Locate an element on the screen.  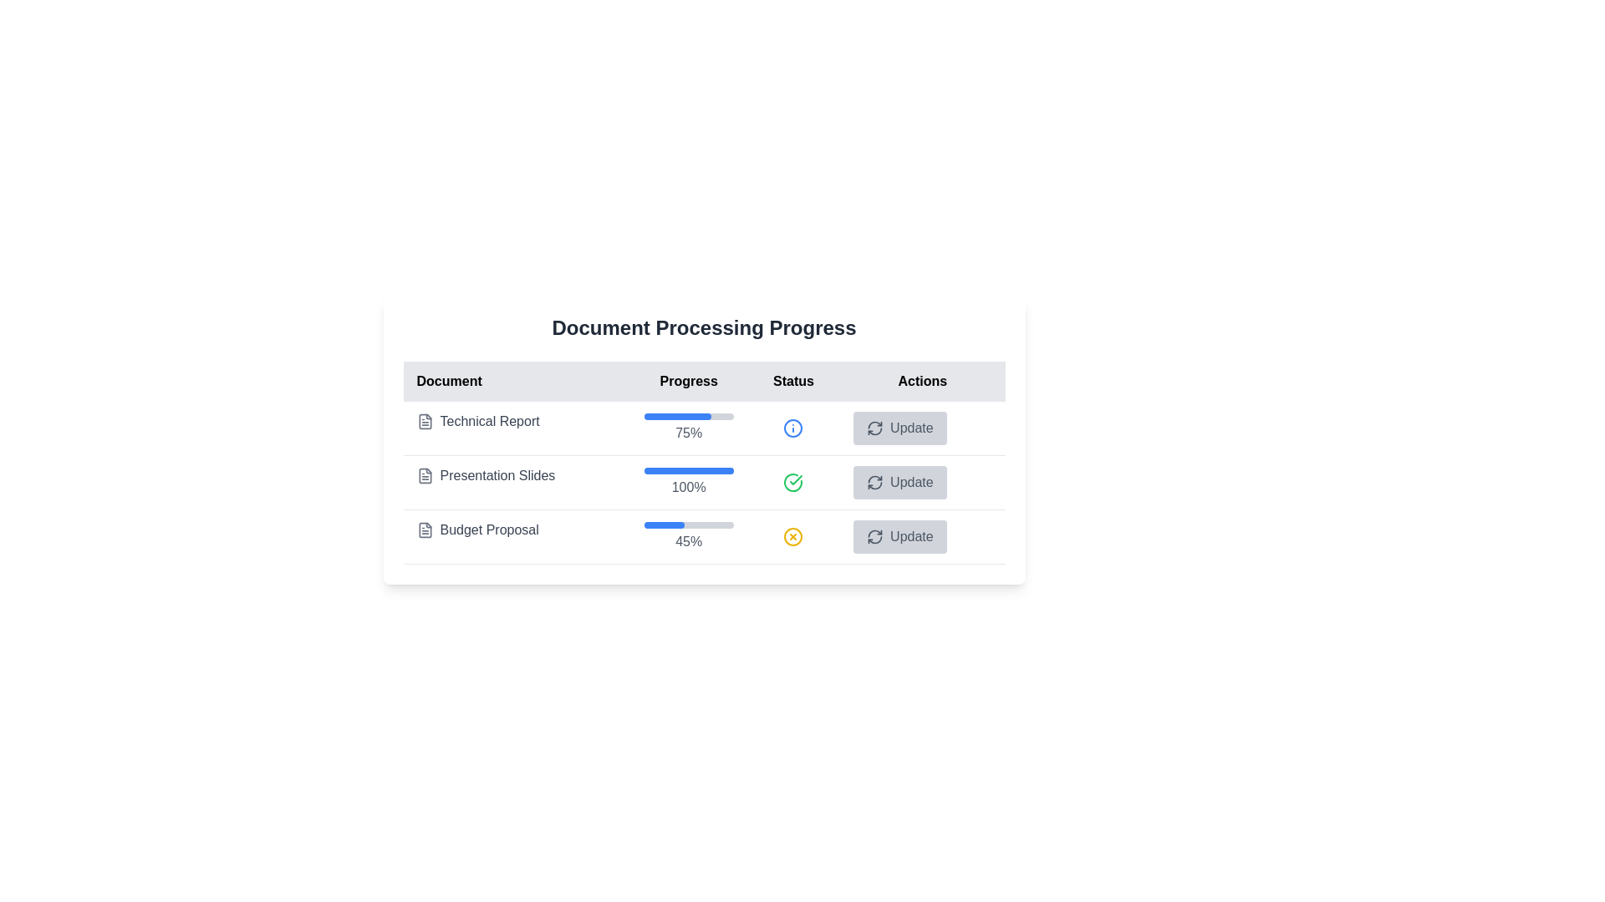
the update button for the 'Budget Proposal' document located in the 'Actions' column of the third row is located at coordinates (921, 537).